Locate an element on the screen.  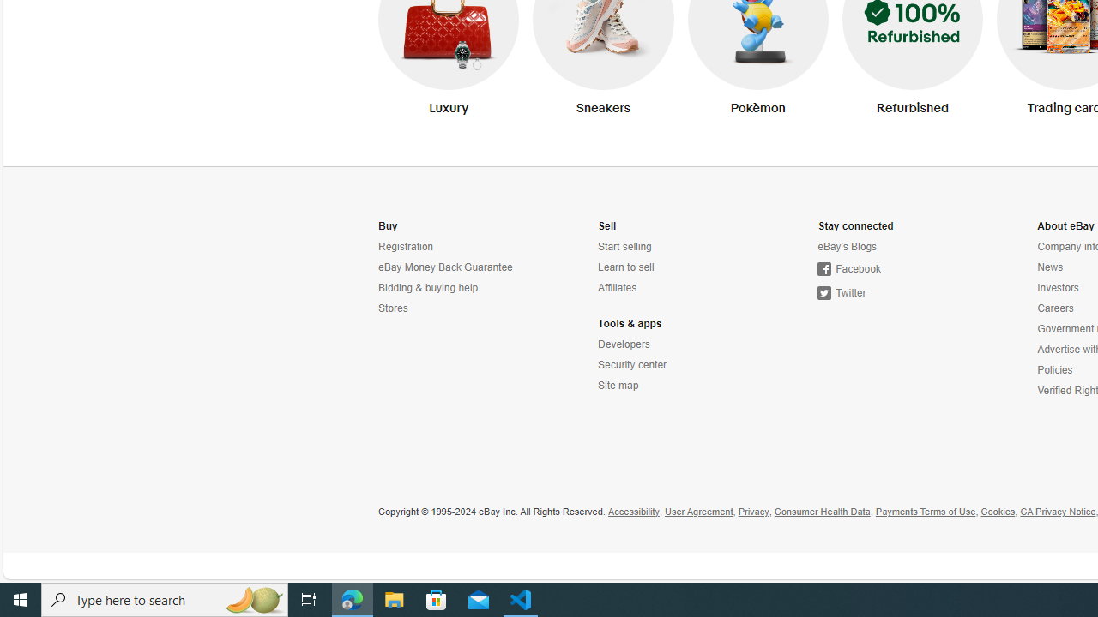
'About eBay' is located at coordinates (1065, 225).